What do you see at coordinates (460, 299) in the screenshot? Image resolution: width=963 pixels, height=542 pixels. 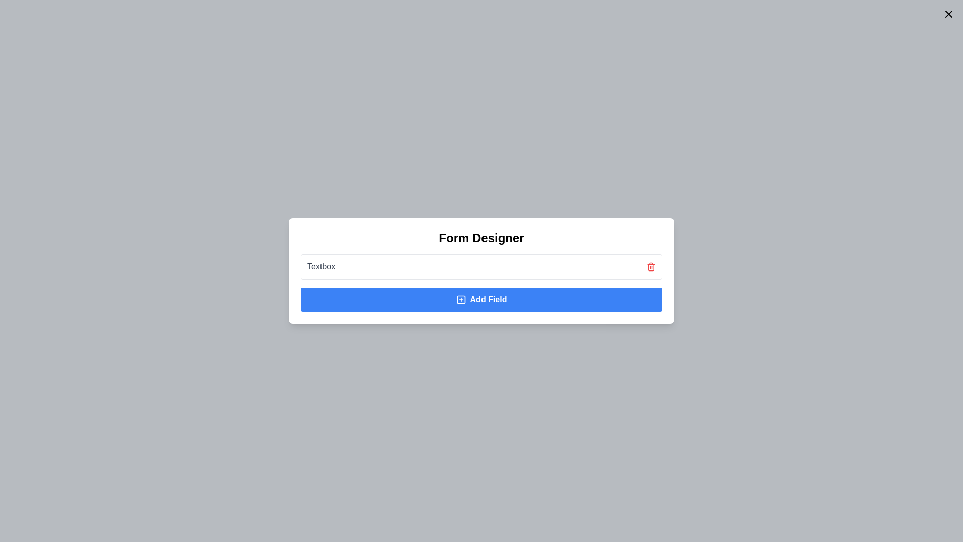 I see `the button labeled 'Add Field' which contains a small blue outlined SVG icon resembling a square with a plus sign inside, positioned to the left of the text` at bounding box center [460, 299].